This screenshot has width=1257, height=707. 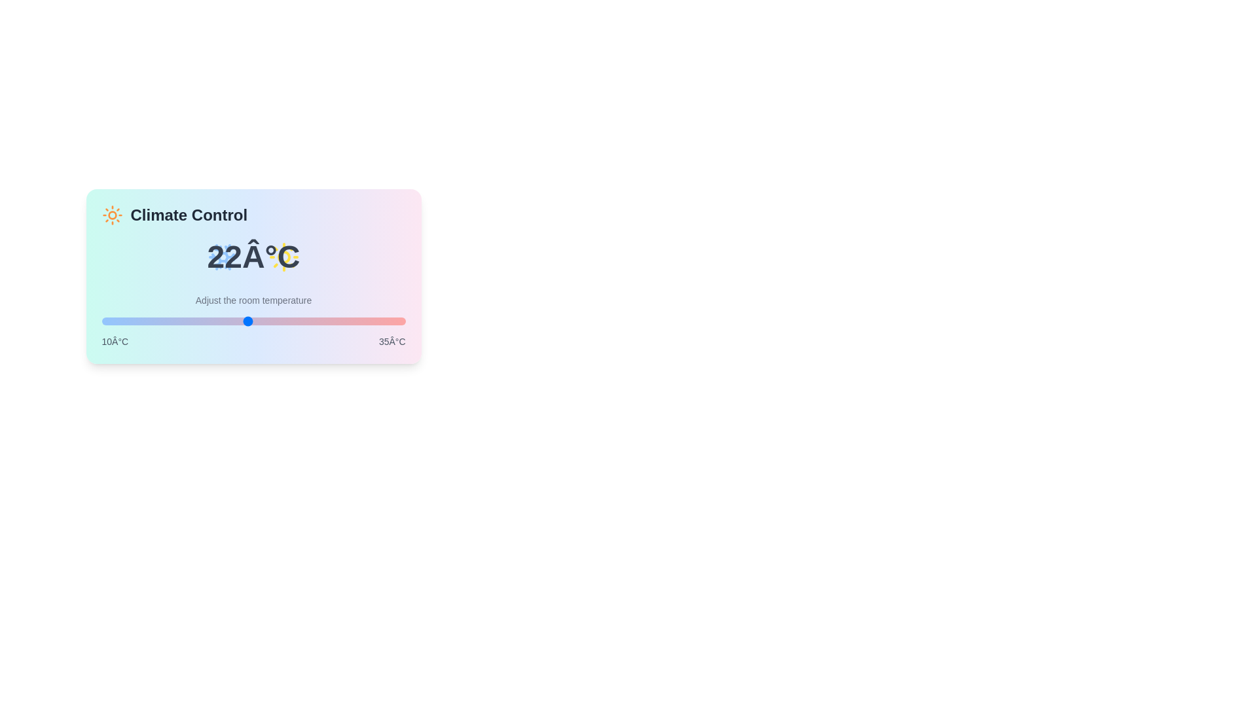 I want to click on the temperature slider to 16 degrees Celsius, so click(x=173, y=321).